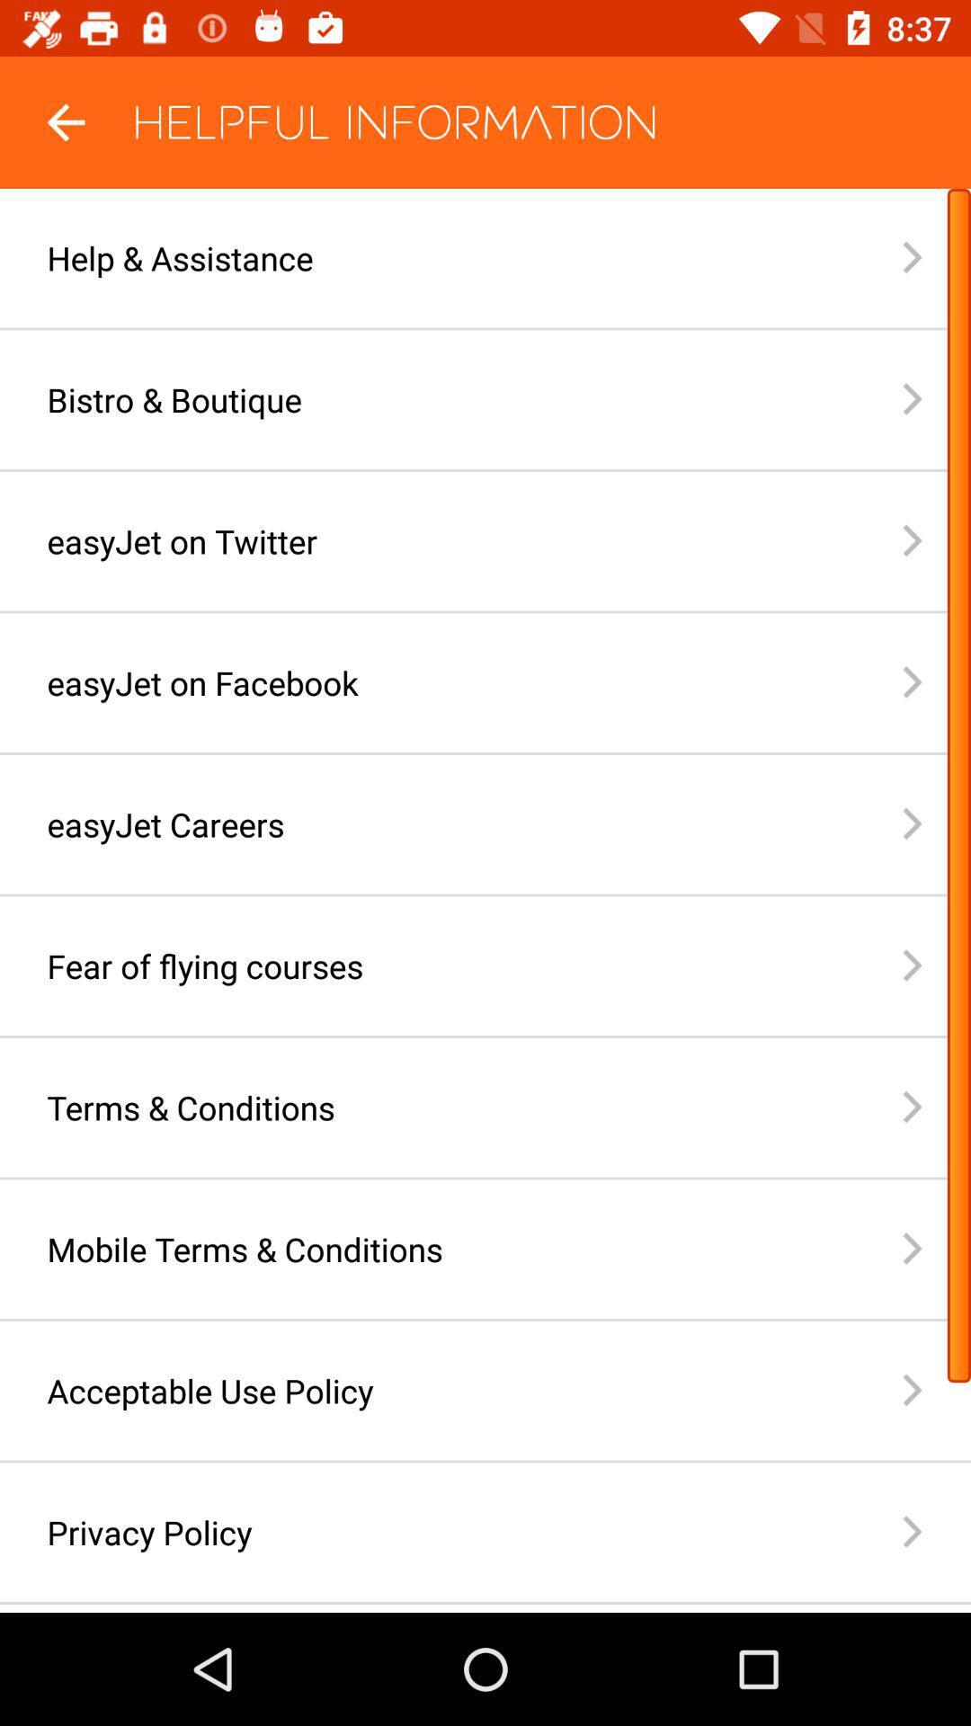 This screenshot has width=971, height=1726. I want to click on the icon which is right to the text acceptable use policy, so click(935, 1389).